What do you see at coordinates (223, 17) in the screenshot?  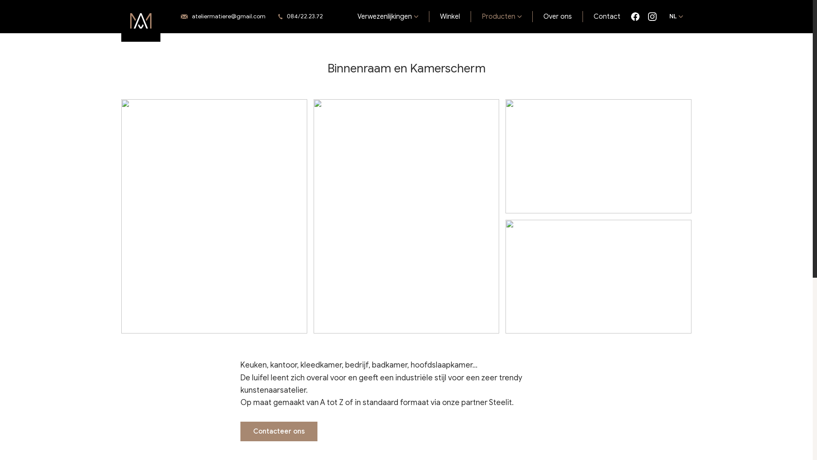 I see `'Contacteer ons` at bounding box center [223, 17].